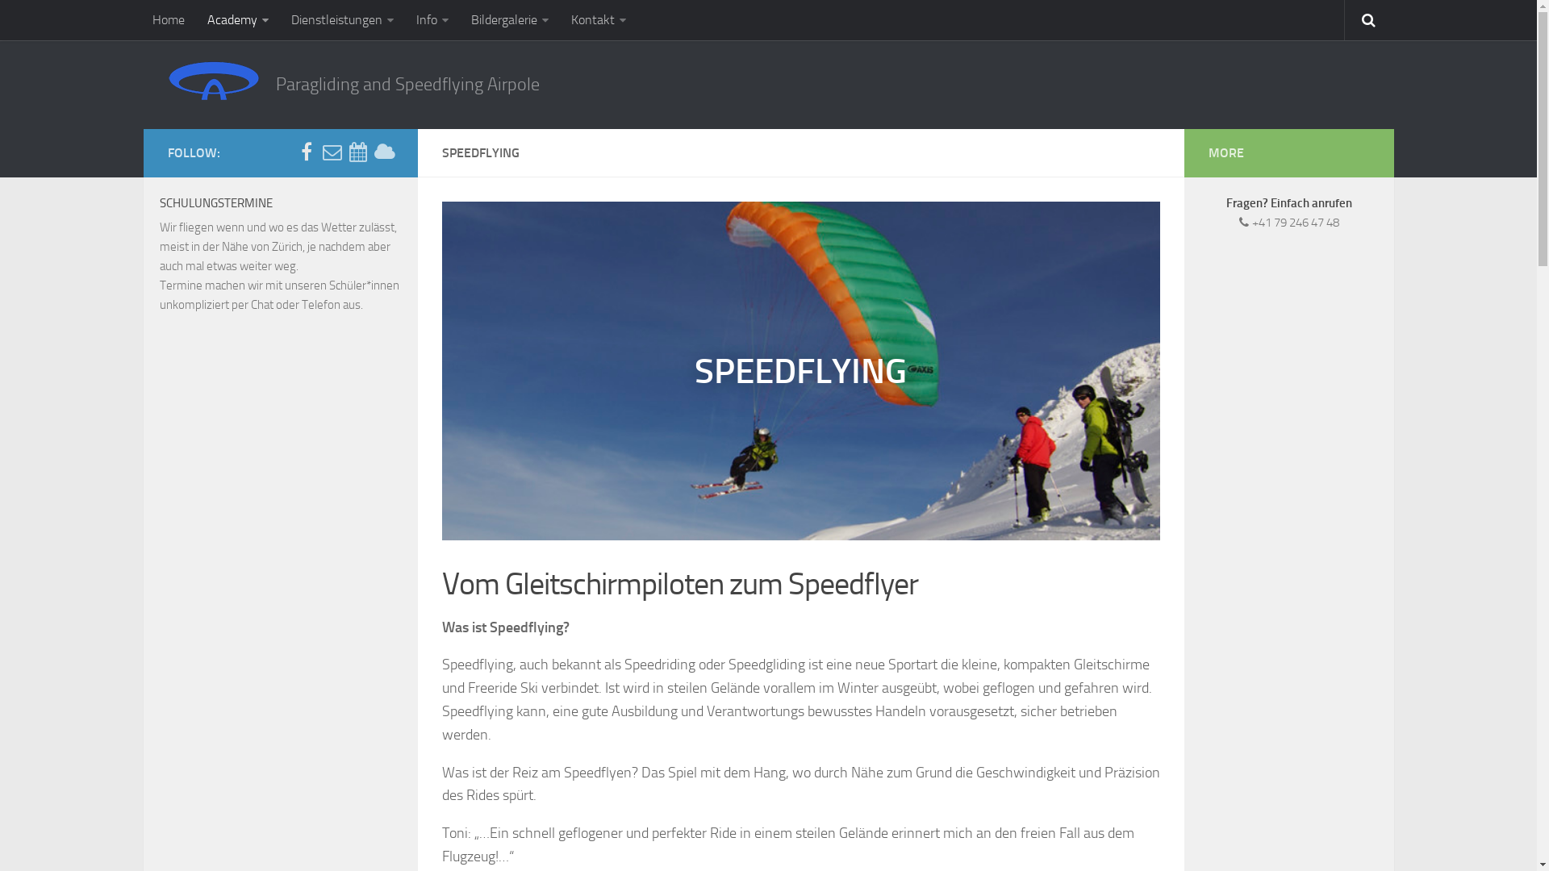 Image resolution: width=1549 pixels, height=871 pixels. I want to click on 'Newsletter', so click(332, 152).